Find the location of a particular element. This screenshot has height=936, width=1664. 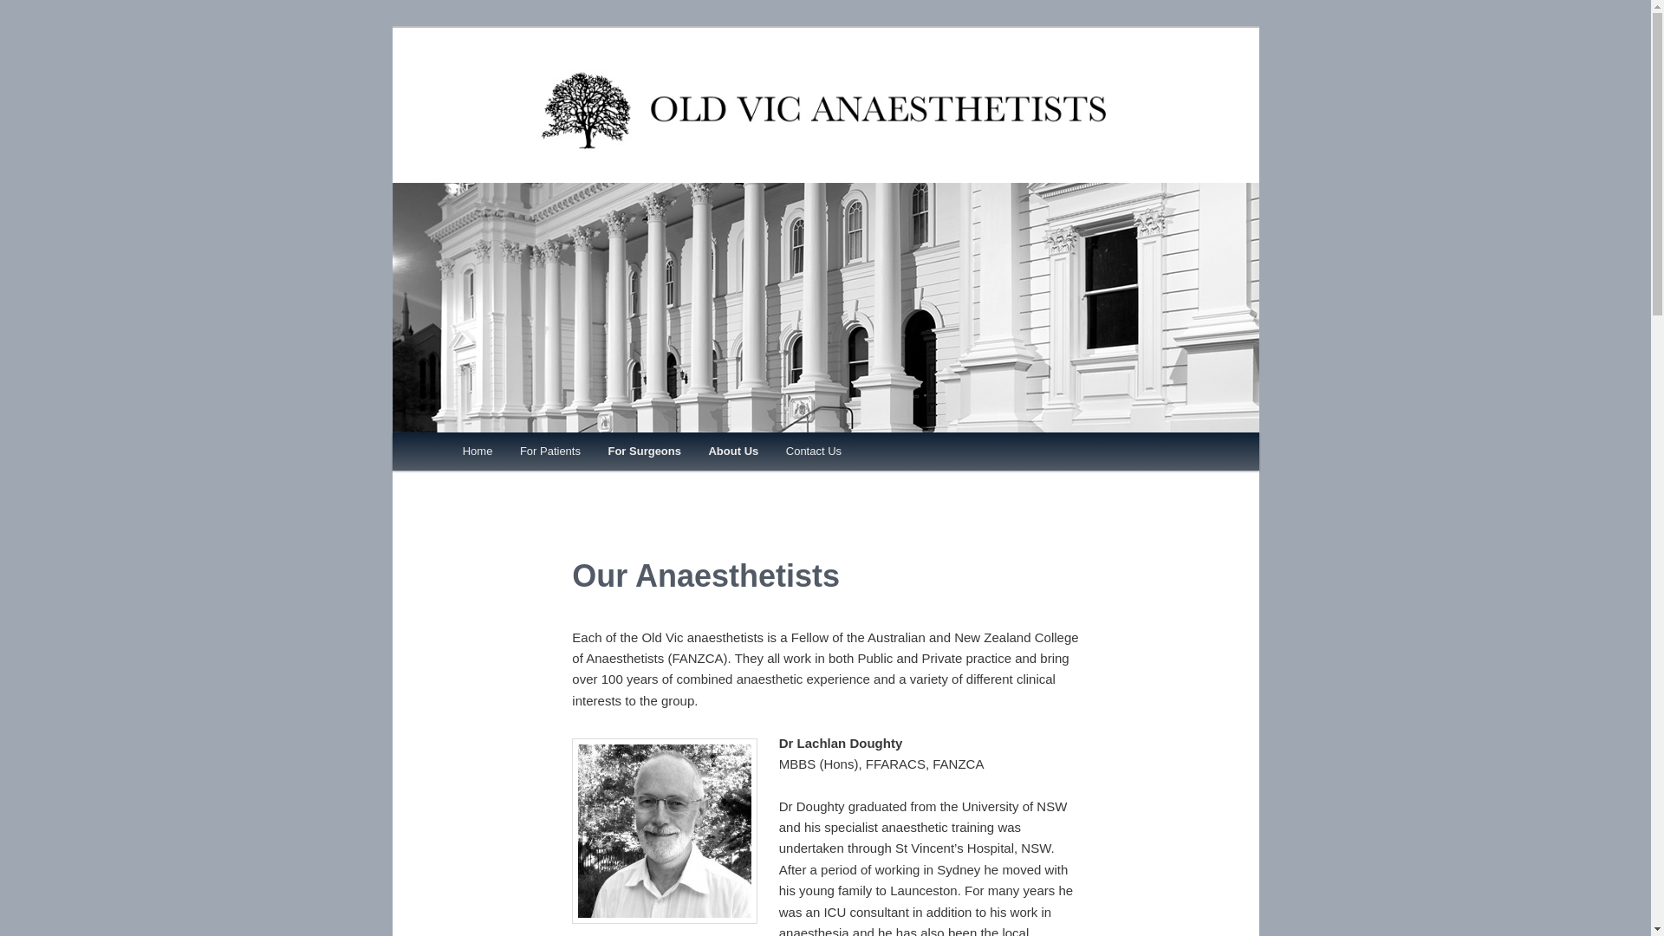

'Home' is located at coordinates (478, 450).